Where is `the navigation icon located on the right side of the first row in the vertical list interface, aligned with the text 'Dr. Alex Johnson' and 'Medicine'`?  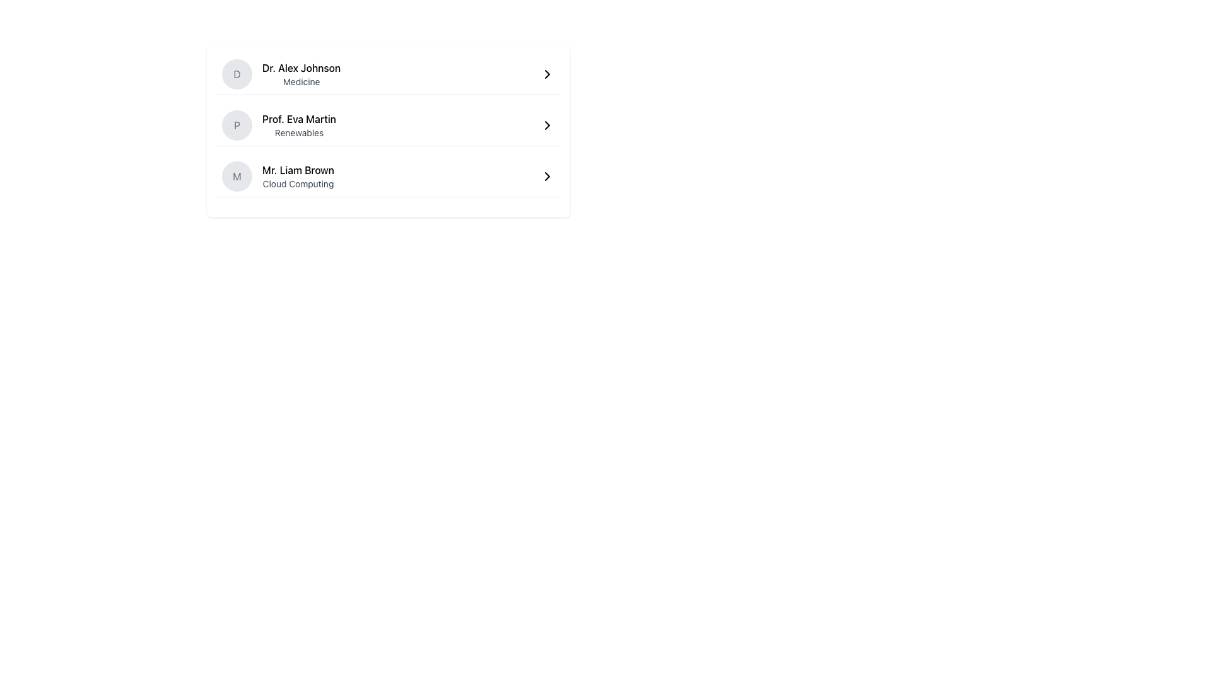 the navigation icon located on the right side of the first row in the vertical list interface, aligned with the text 'Dr. Alex Johnson' and 'Medicine' is located at coordinates (547, 74).